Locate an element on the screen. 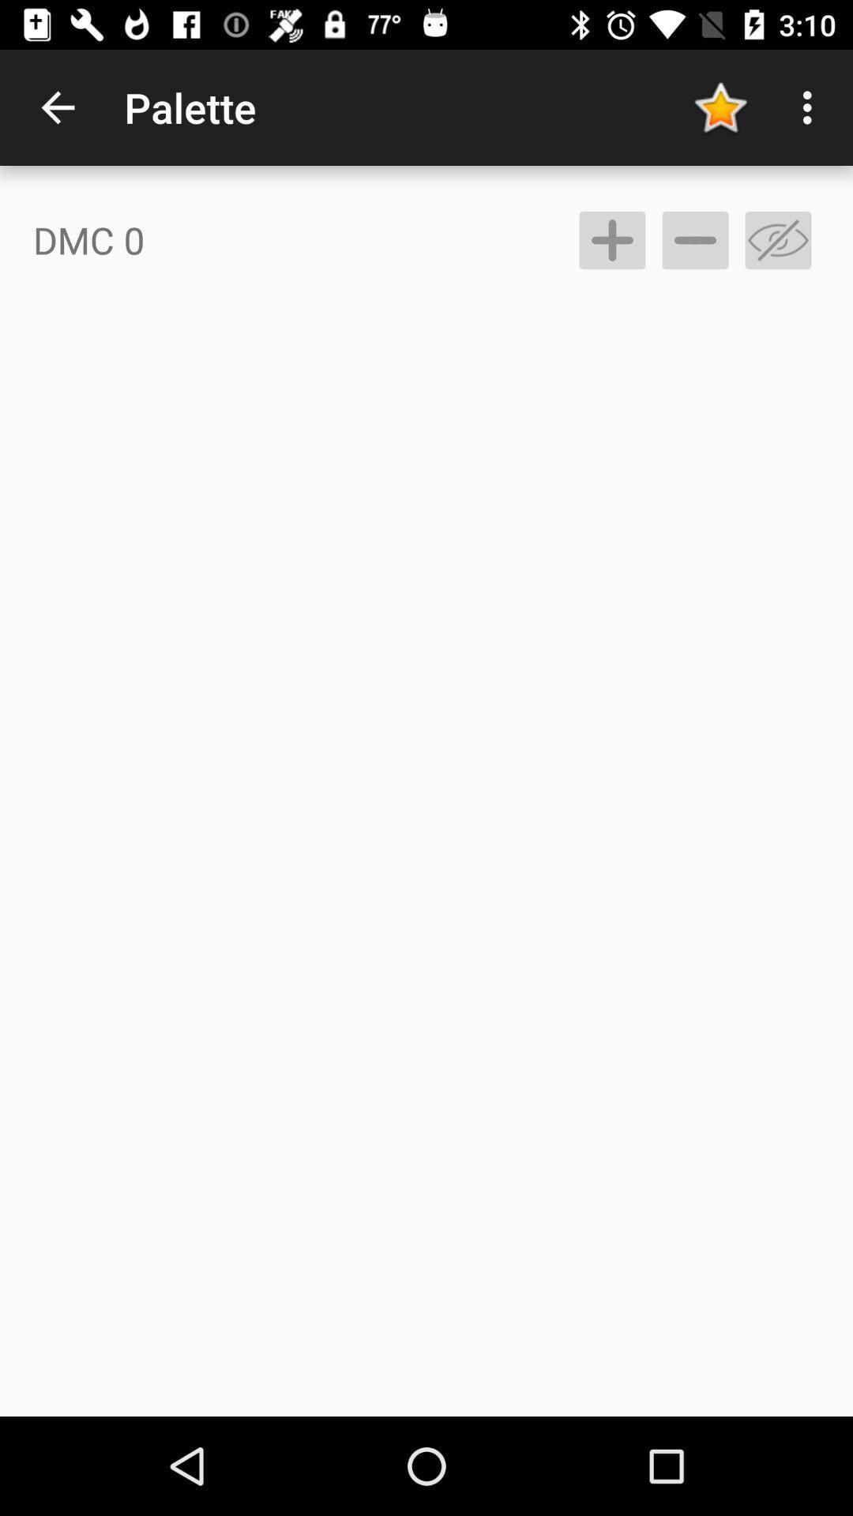 The height and width of the screenshot is (1516, 853). turn off camera is located at coordinates (777, 239).